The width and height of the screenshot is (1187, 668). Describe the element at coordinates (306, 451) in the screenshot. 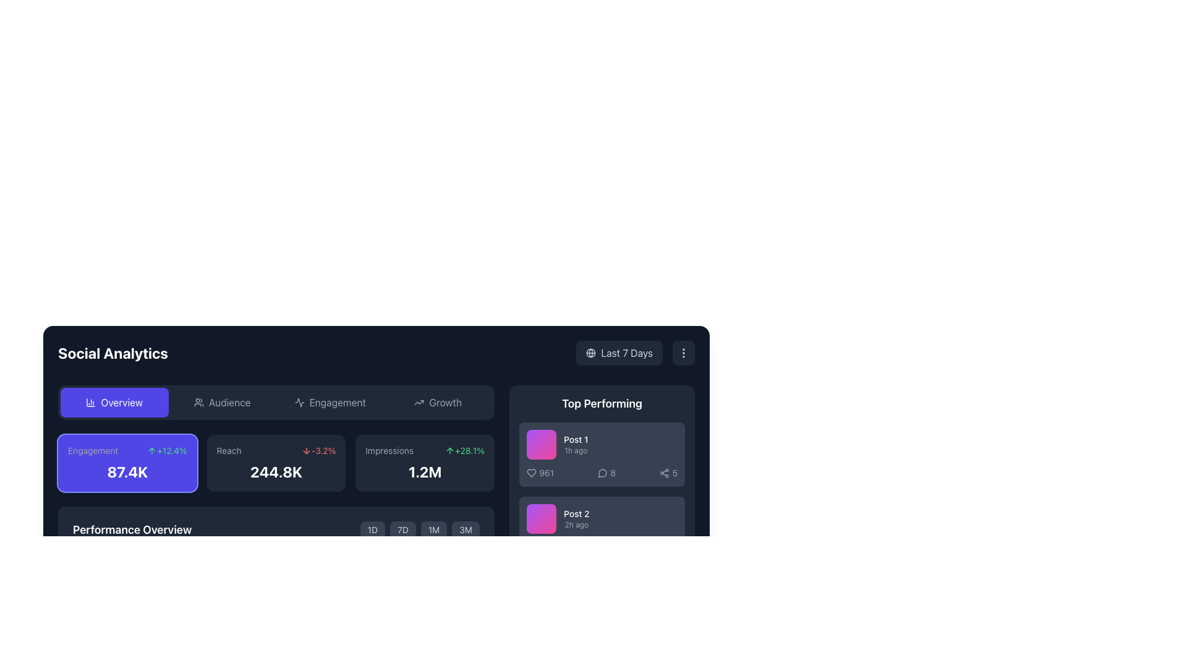

I see `the arrow icon indicating a negative trend in the 'Reach' metric, located adjacent to the '-3.2%' label` at that location.